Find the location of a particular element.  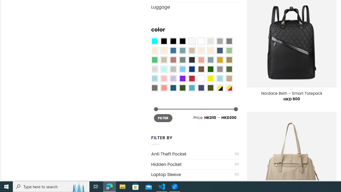

'Forest' is located at coordinates (182, 87).